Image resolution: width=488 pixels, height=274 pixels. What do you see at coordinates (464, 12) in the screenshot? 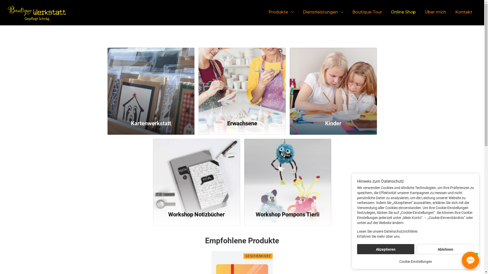
I see `'Kontakt'` at bounding box center [464, 12].